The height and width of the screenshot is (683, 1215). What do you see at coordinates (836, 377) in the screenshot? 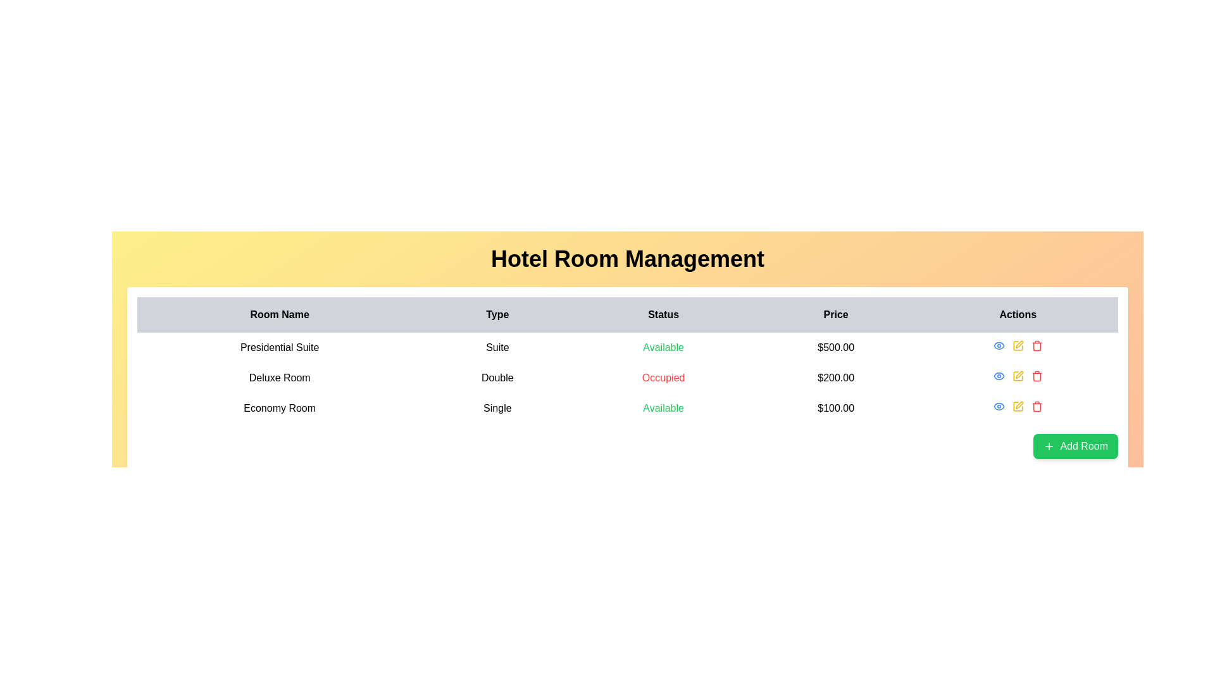
I see `the text '$200.00' displayed in black font under the 'Price' column in the second row of the table` at bounding box center [836, 377].